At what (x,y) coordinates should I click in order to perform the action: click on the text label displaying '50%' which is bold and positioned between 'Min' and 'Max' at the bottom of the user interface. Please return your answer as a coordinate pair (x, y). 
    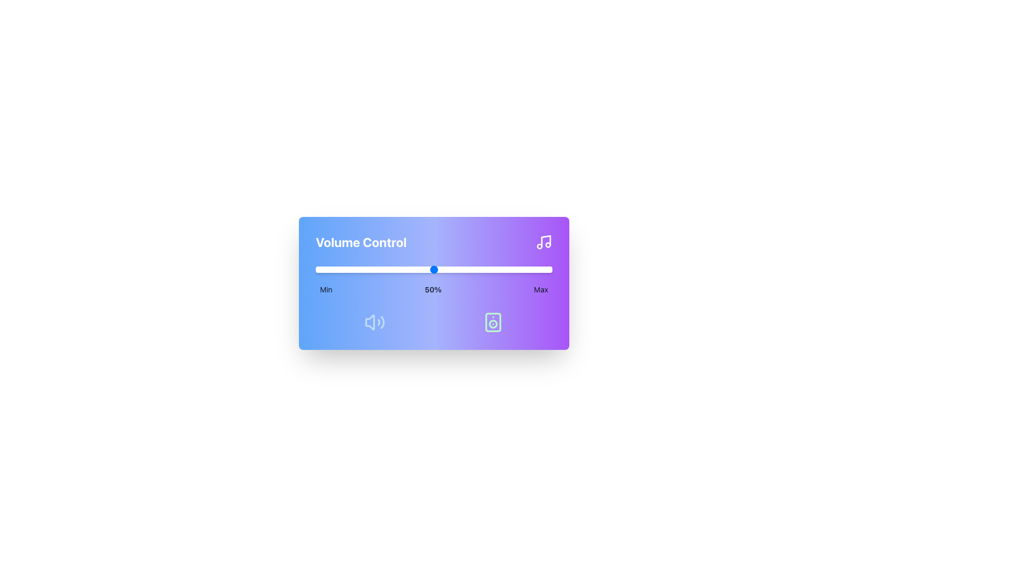
    Looking at the image, I should click on (433, 289).